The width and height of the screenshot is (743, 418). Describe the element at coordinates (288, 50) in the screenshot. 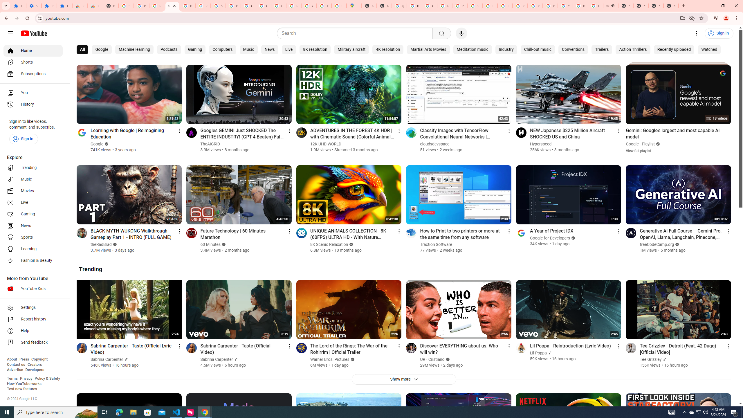

I see `'Live'` at that location.